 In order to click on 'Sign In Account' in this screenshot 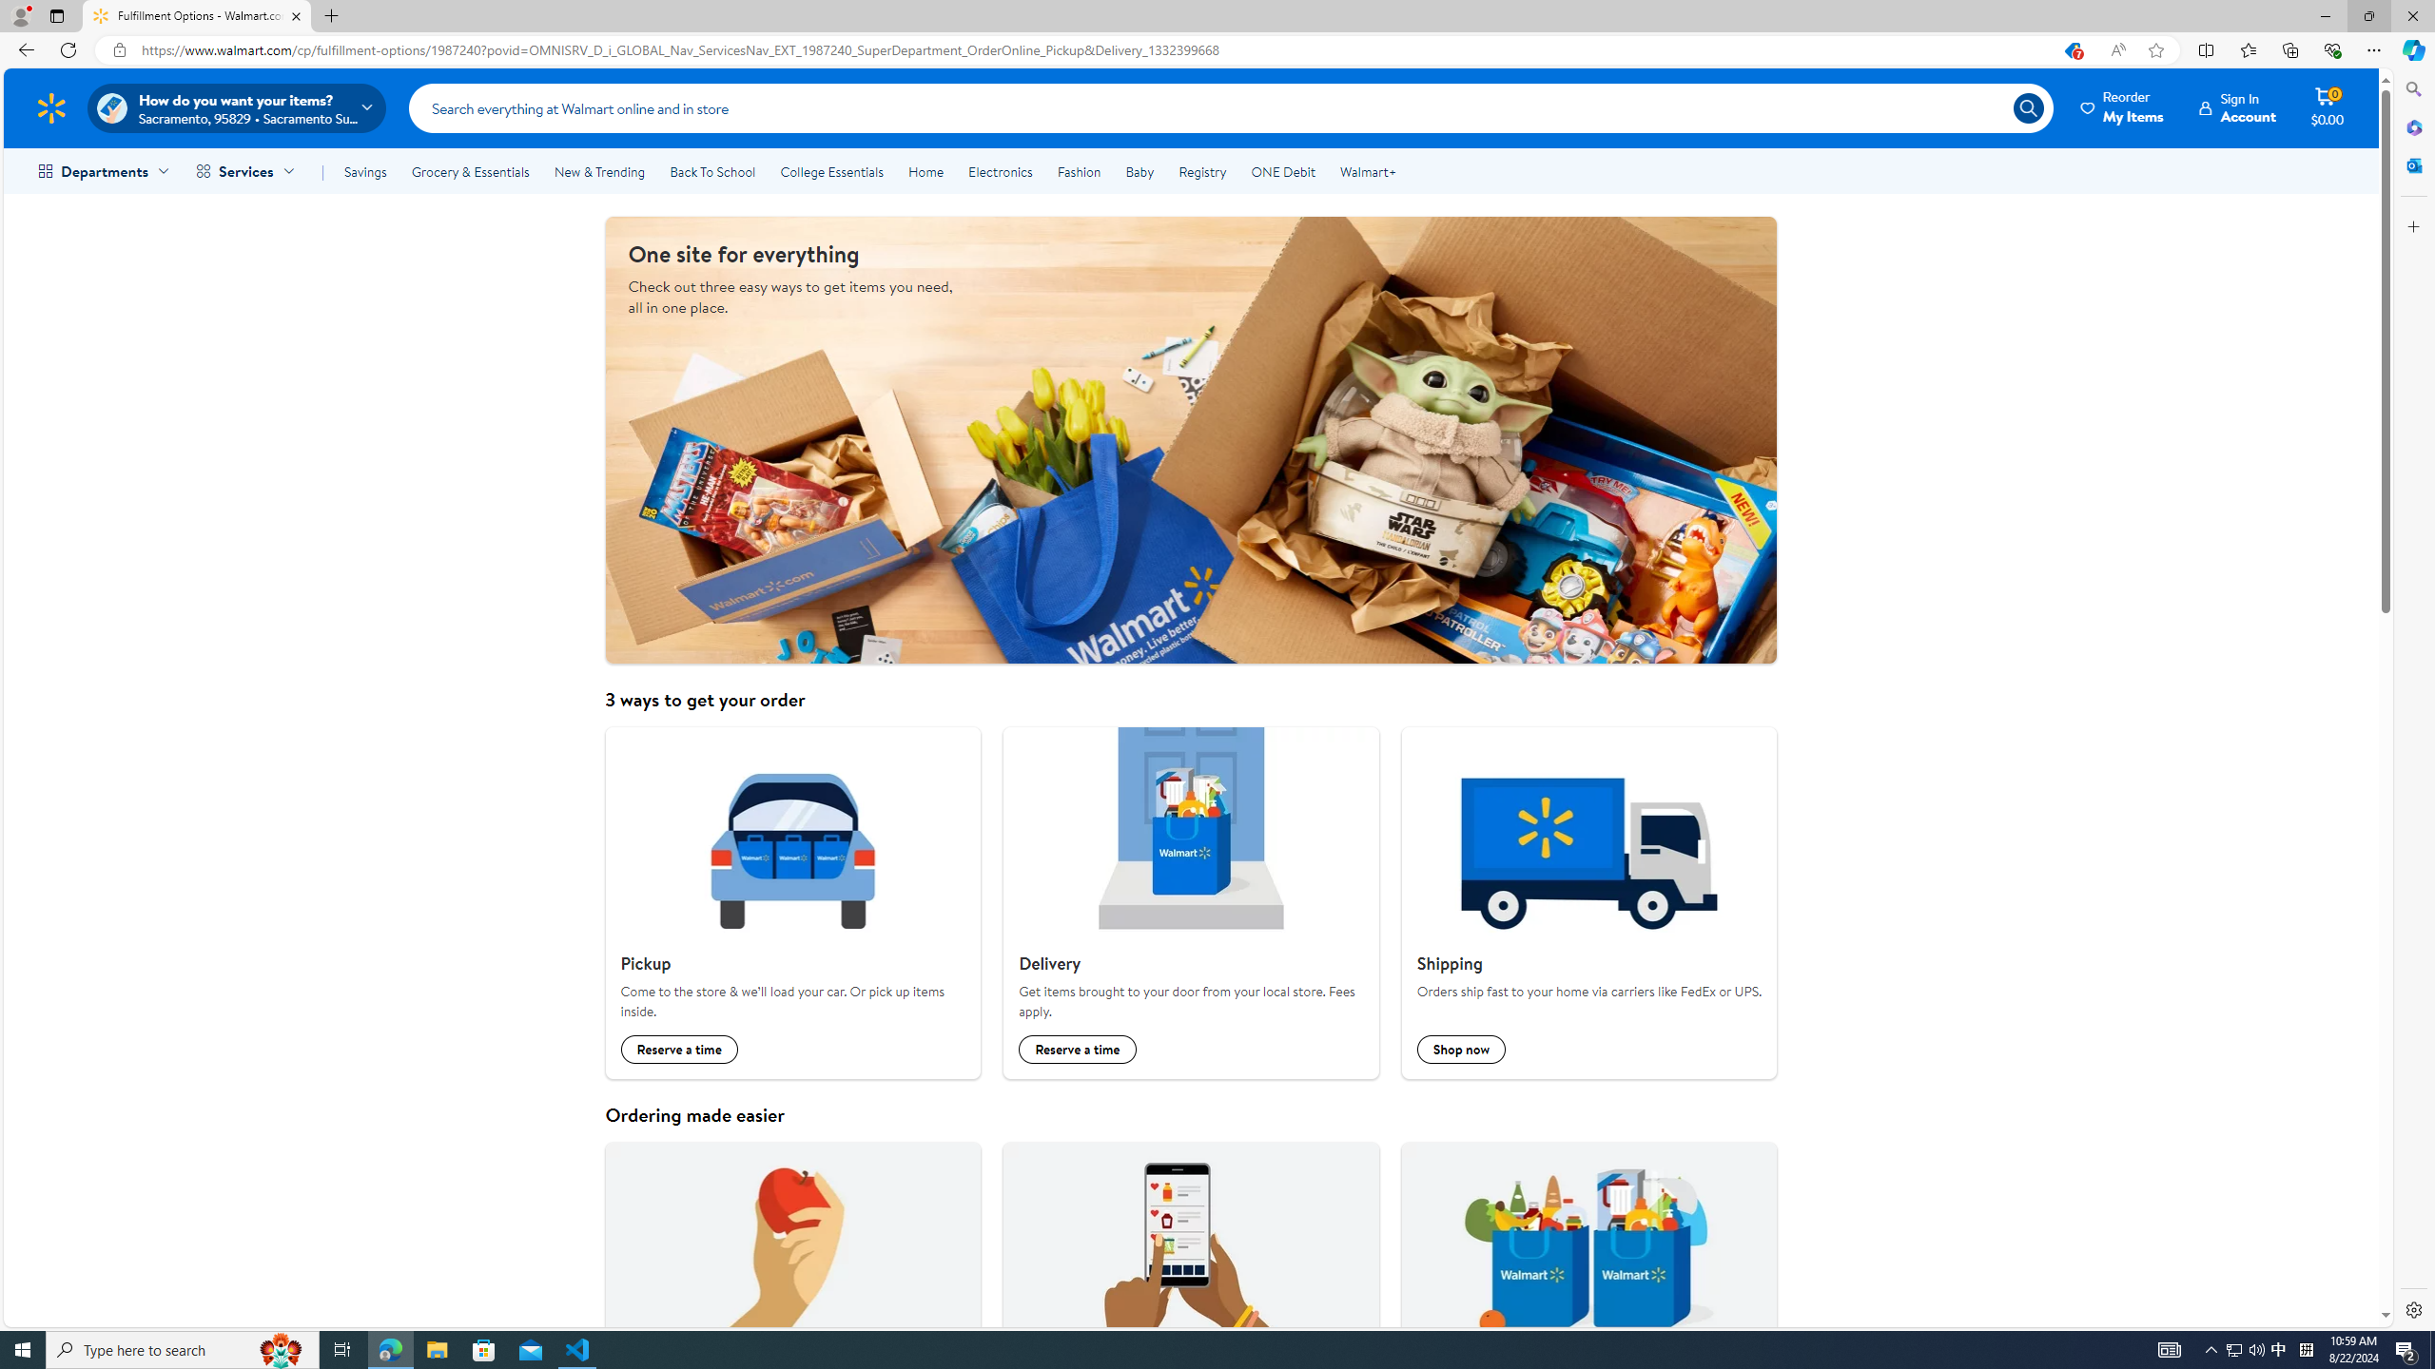, I will do `click(2237, 106)`.